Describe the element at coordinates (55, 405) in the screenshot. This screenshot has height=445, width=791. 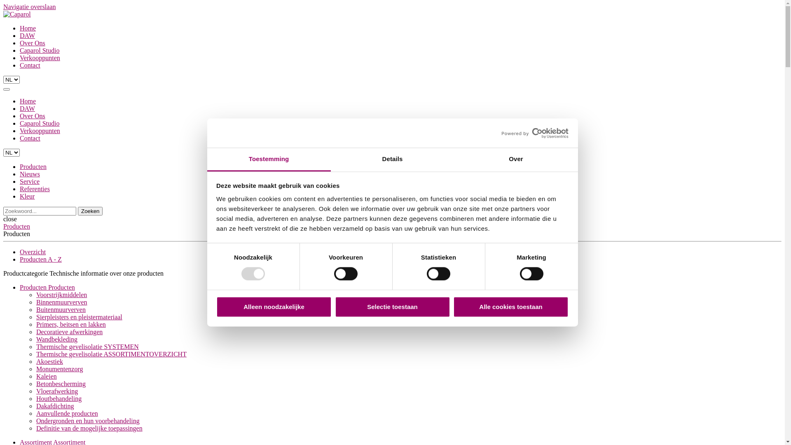
I see `'Dakafdichting'` at that location.